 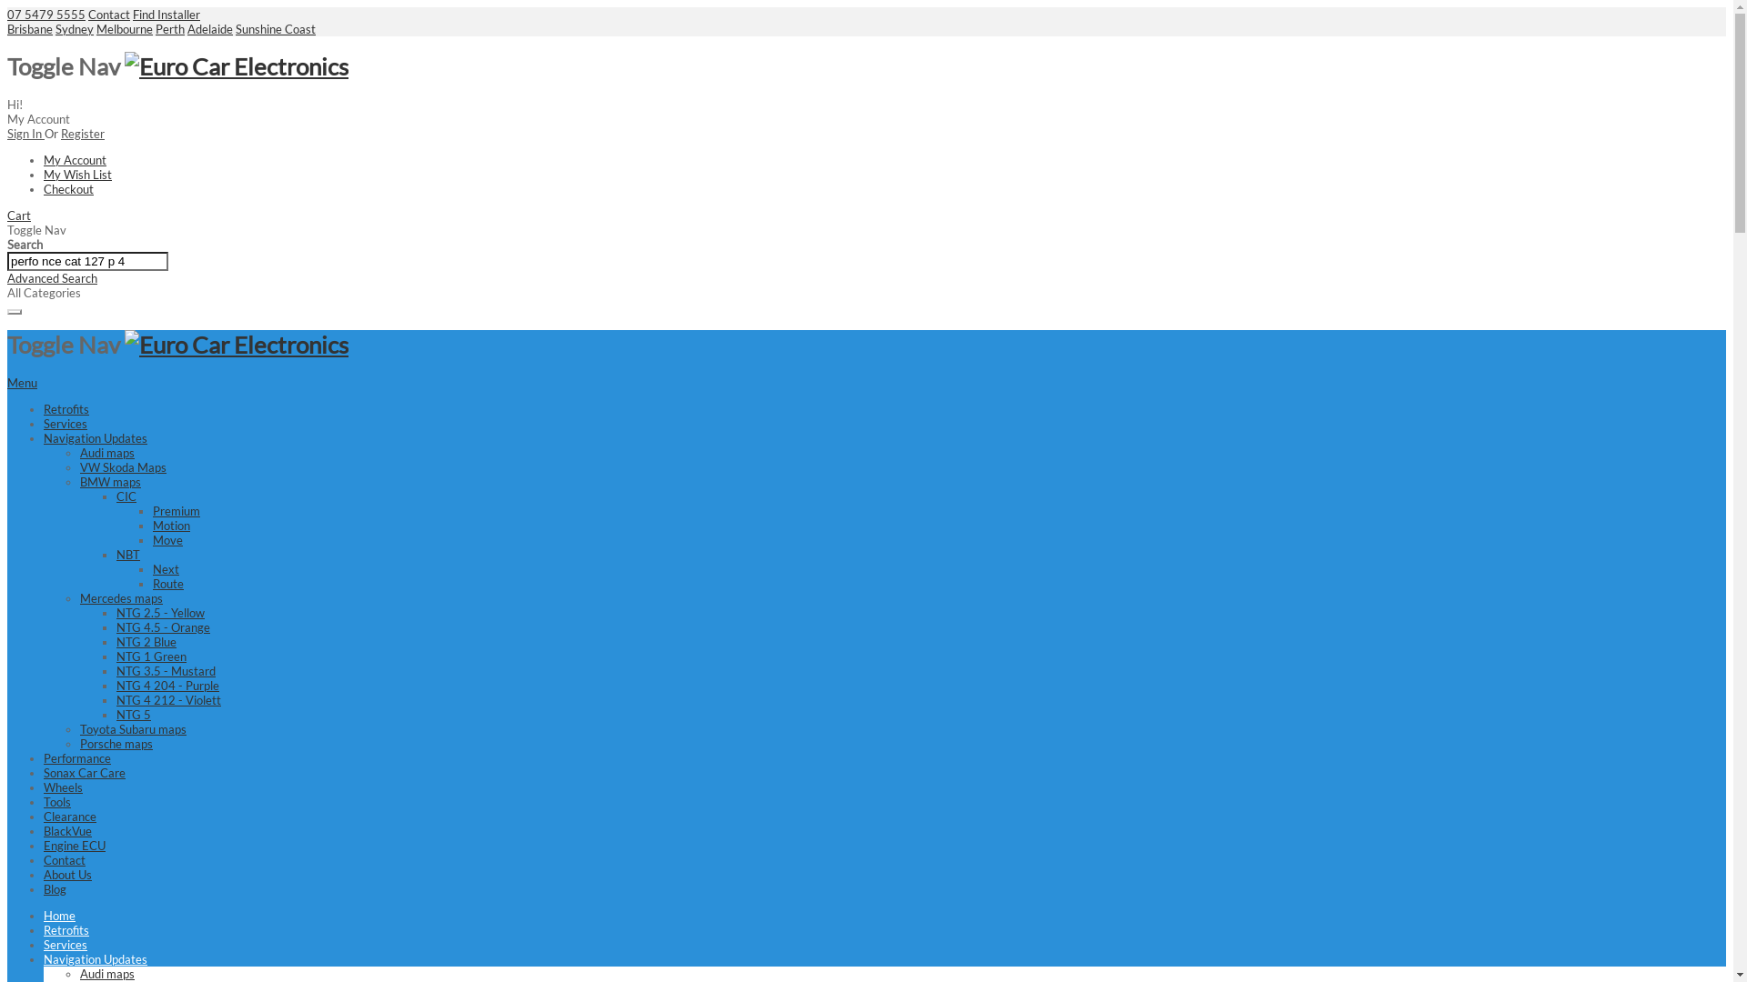 What do you see at coordinates (73, 28) in the screenshot?
I see `'Sydney'` at bounding box center [73, 28].